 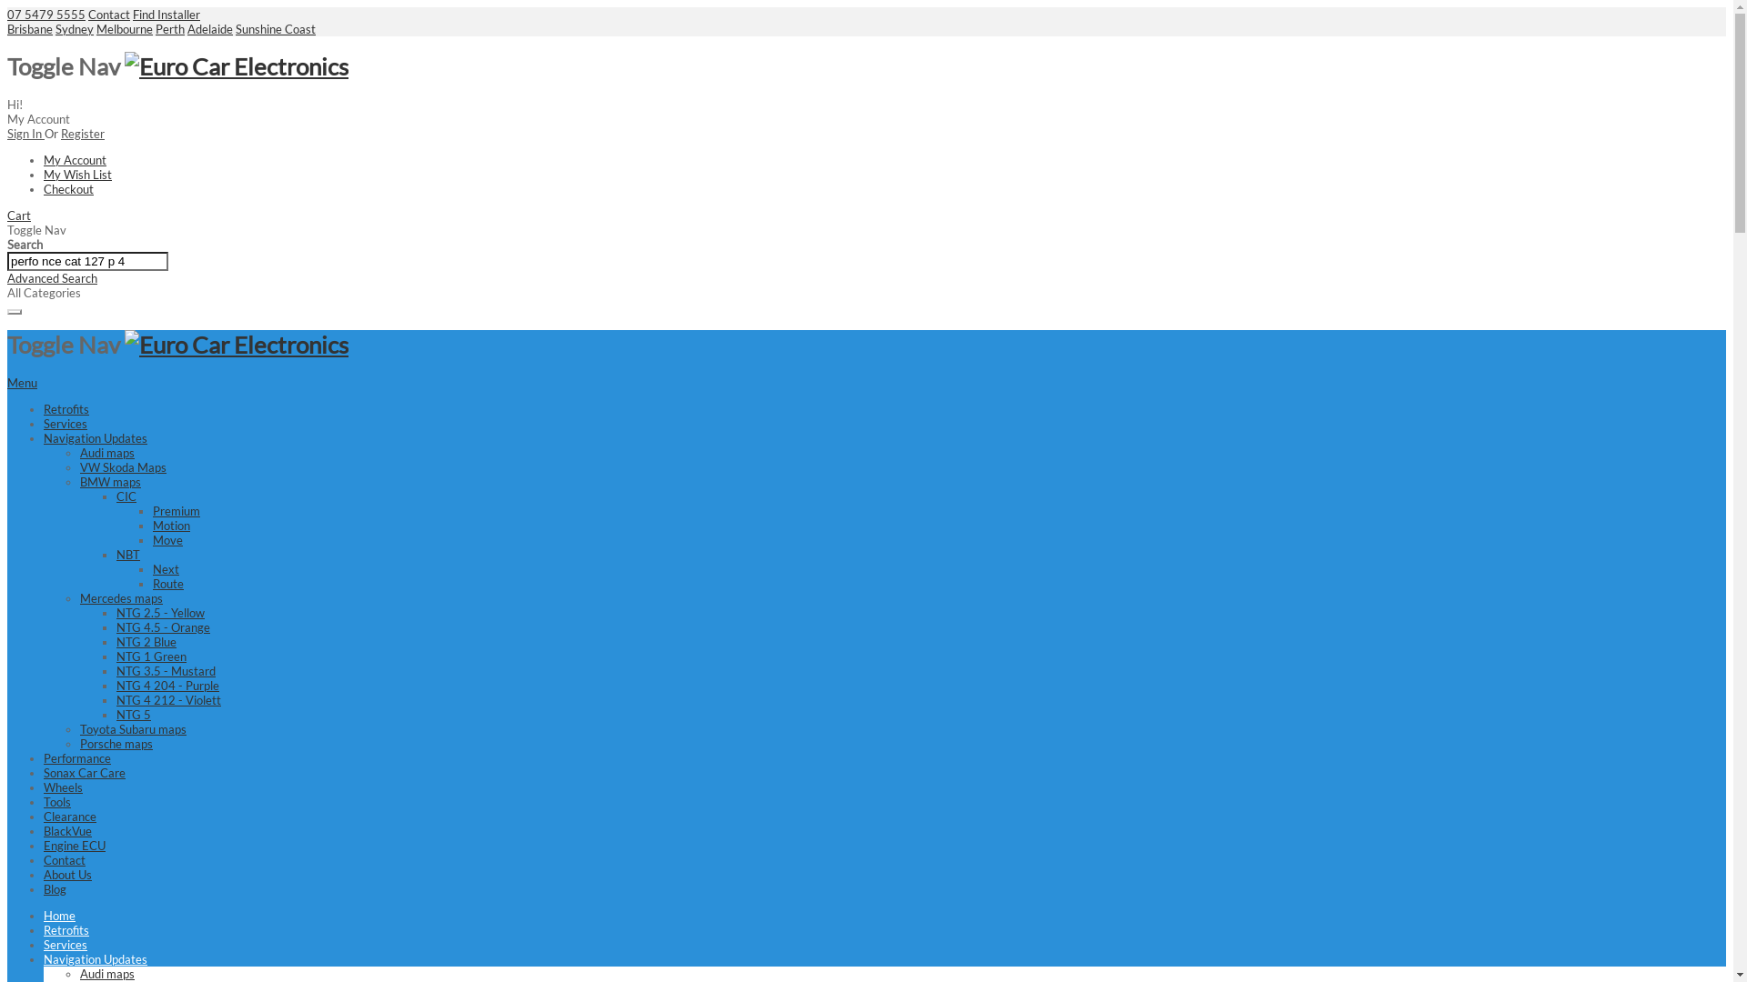 What do you see at coordinates (73, 28) in the screenshot?
I see `'Sydney'` at bounding box center [73, 28].